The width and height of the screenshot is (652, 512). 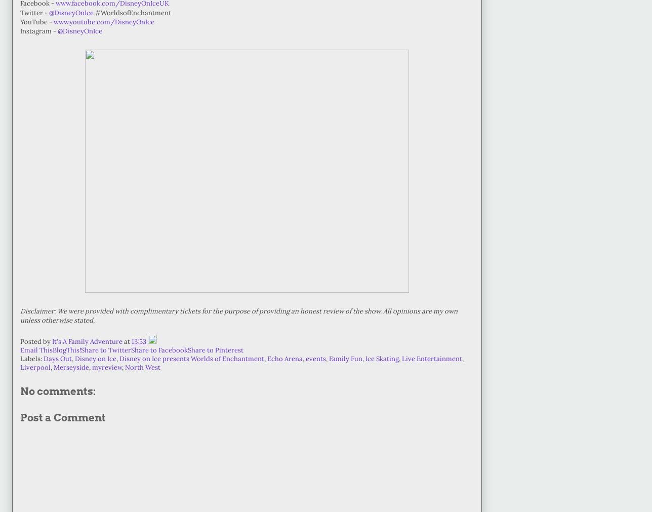 I want to click on 'Disney on Ice presents Worlds of Enchantment', so click(x=119, y=358).